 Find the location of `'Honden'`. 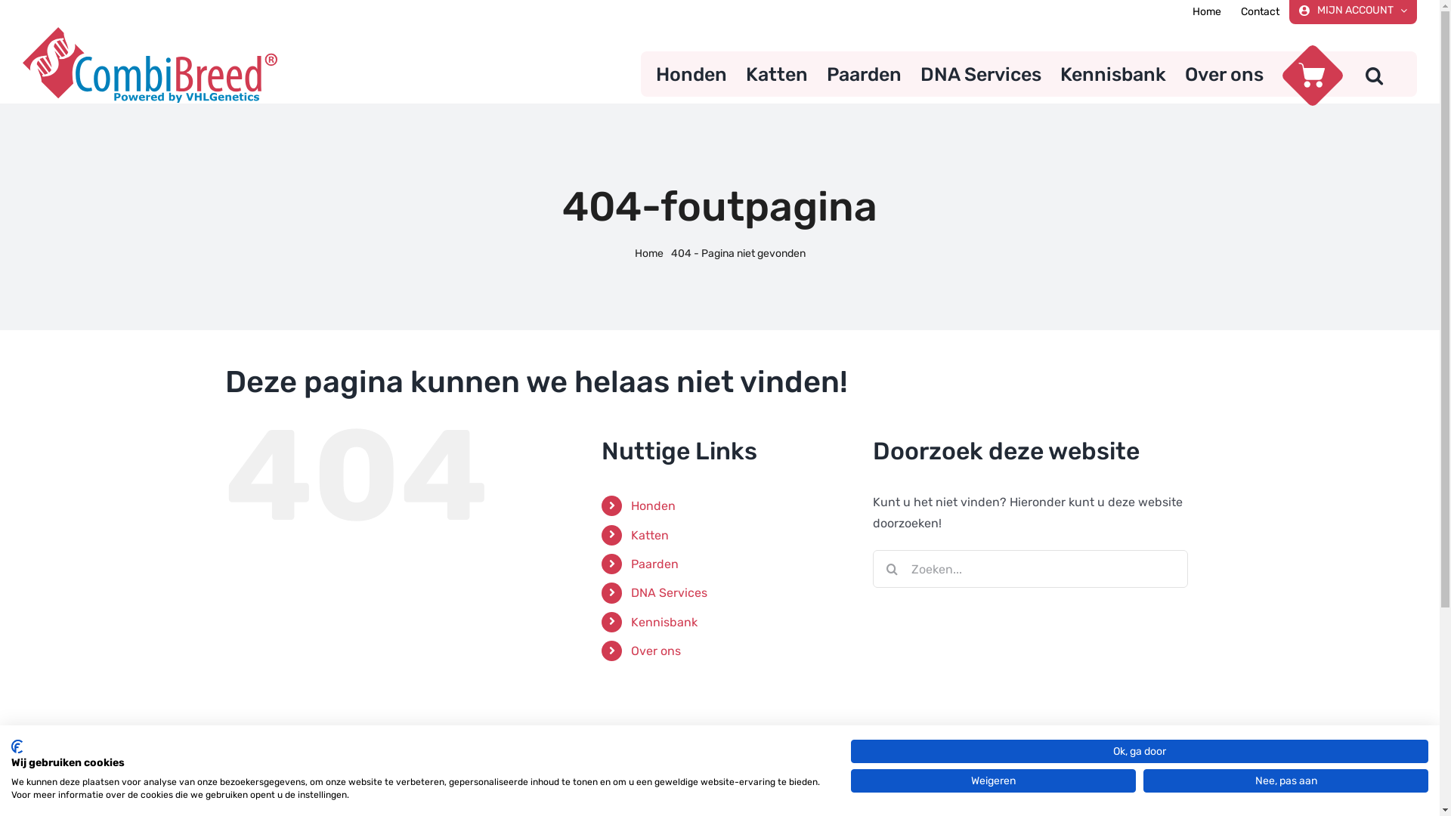

'Honden' is located at coordinates (631, 505).